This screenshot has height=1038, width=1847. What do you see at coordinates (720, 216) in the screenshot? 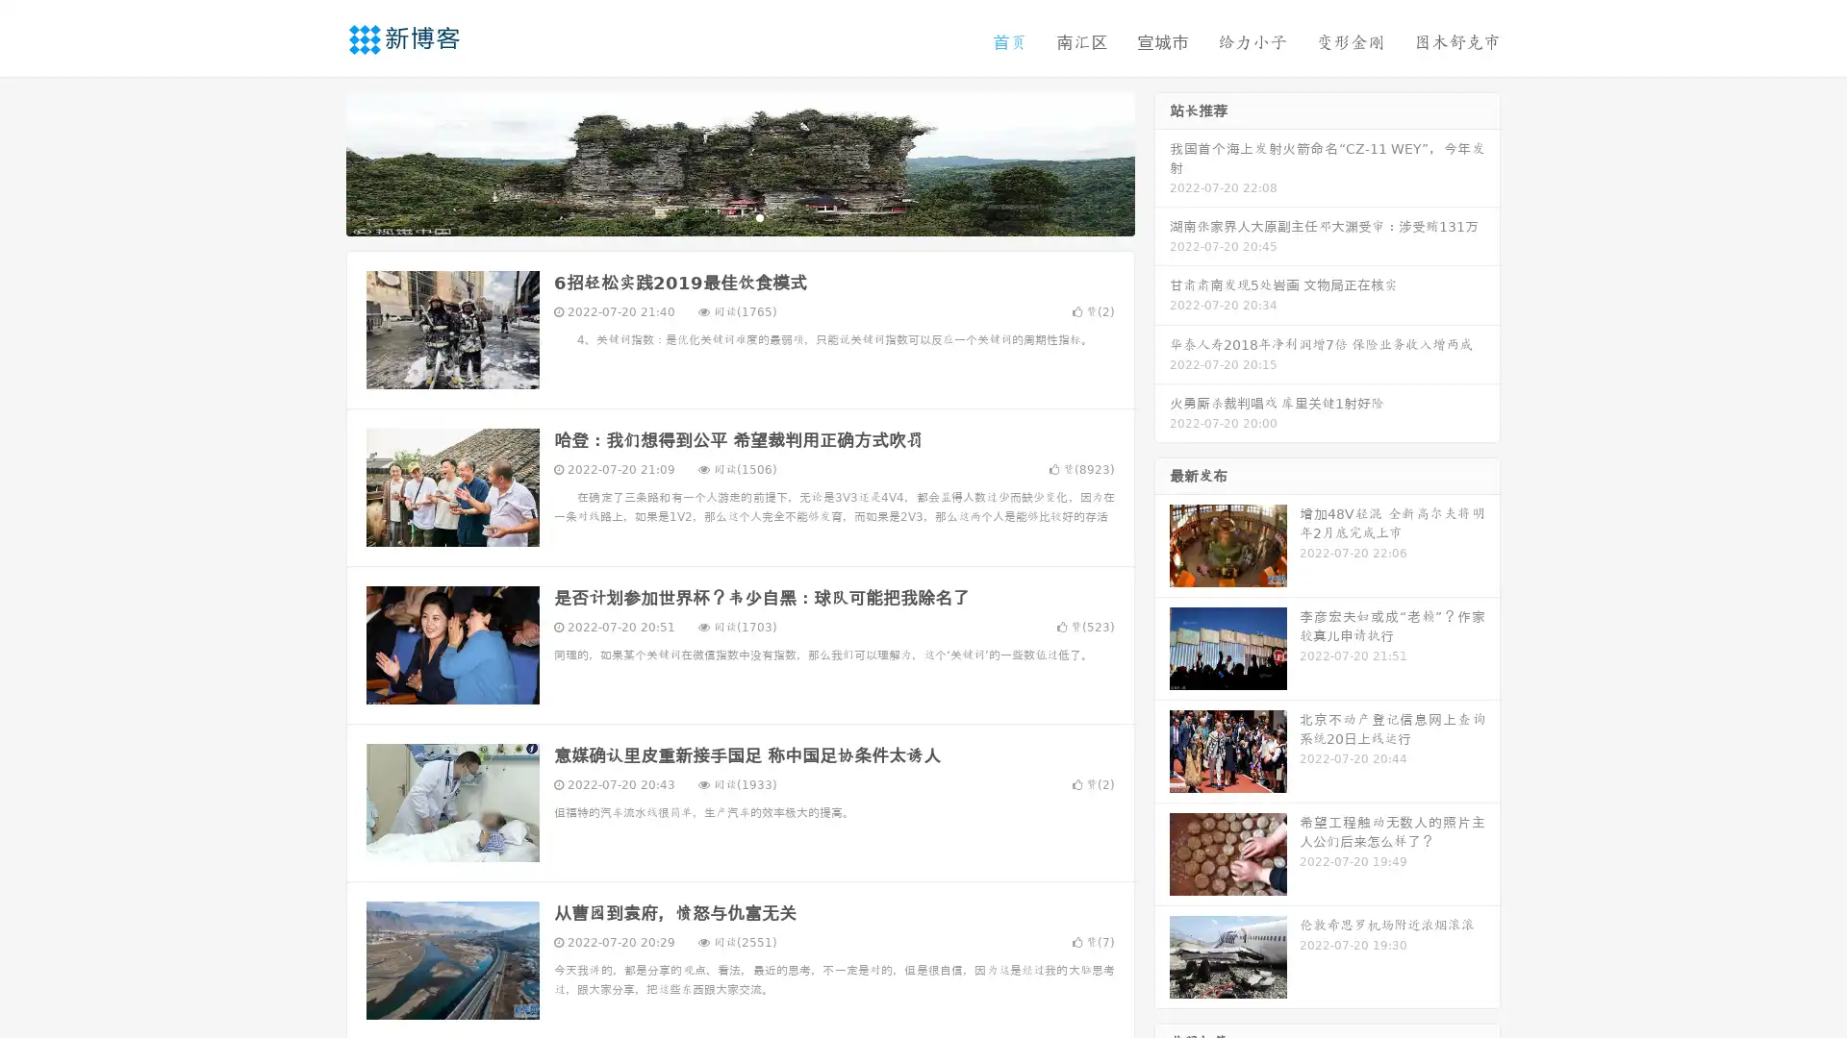
I see `Go to slide 1` at bounding box center [720, 216].